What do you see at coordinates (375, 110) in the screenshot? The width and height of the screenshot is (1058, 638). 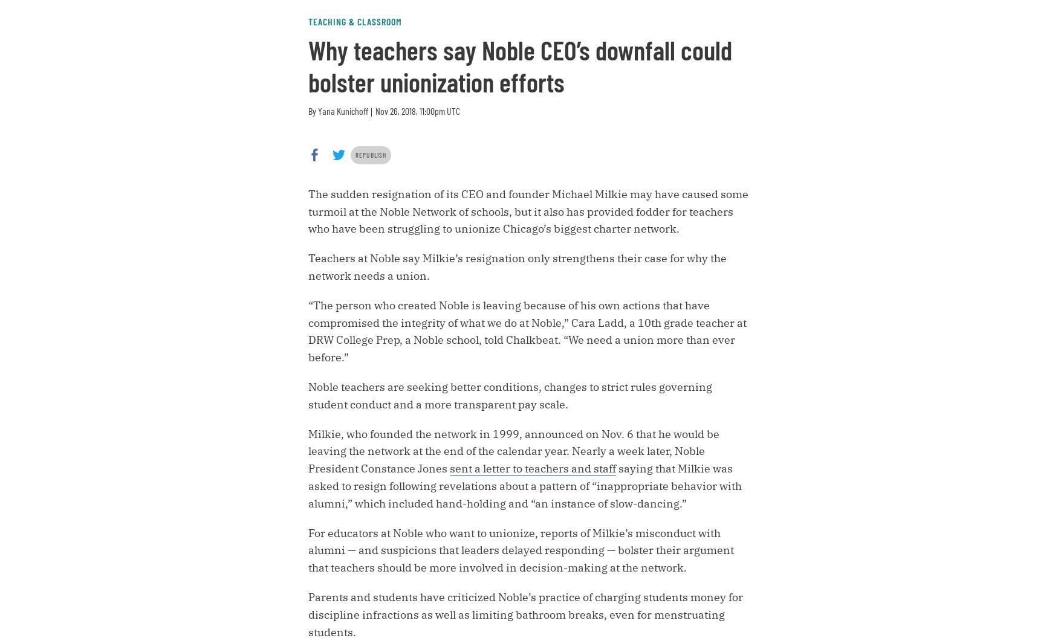 I see `'Nov 26, 2018, 11:00pm UTC'` at bounding box center [375, 110].